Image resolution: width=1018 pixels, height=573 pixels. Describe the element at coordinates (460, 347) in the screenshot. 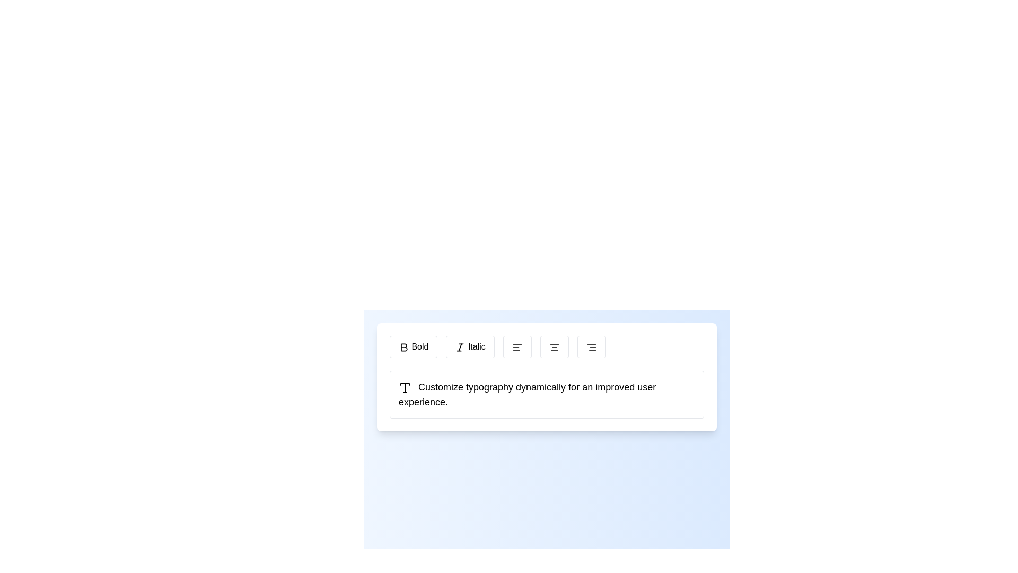

I see `the diagonal line within the 'Italic' button in the toolbar, which is the second button from the left in the formatting controls` at that location.